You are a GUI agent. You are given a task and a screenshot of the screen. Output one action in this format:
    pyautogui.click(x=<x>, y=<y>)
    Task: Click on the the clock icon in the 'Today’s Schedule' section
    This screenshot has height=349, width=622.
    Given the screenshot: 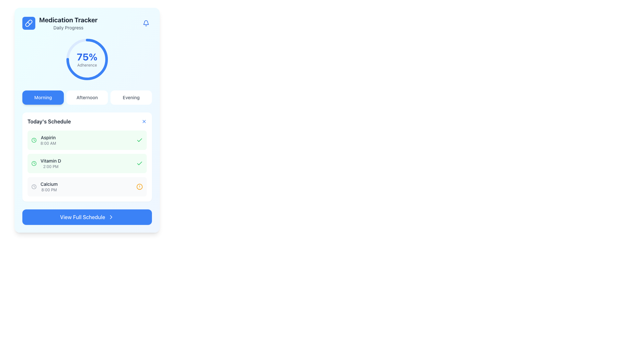 What is the action you would take?
    pyautogui.click(x=34, y=187)
    